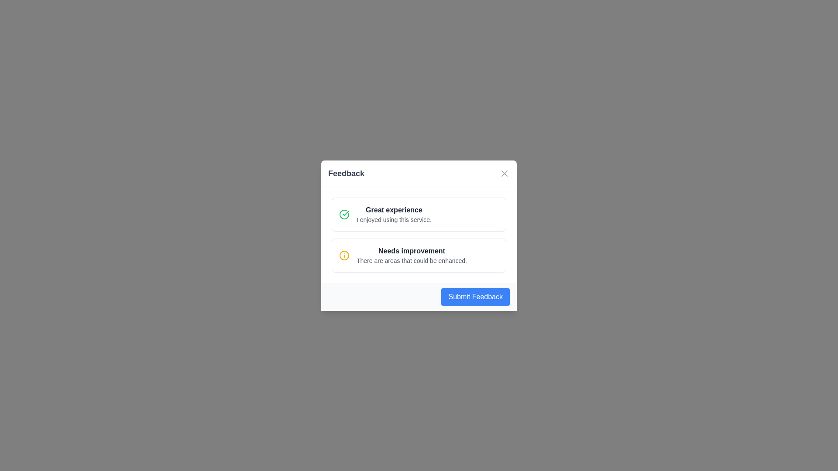 The image size is (838, 471). I want to click on the close button in the header to close the dialog, so click(505, 173).